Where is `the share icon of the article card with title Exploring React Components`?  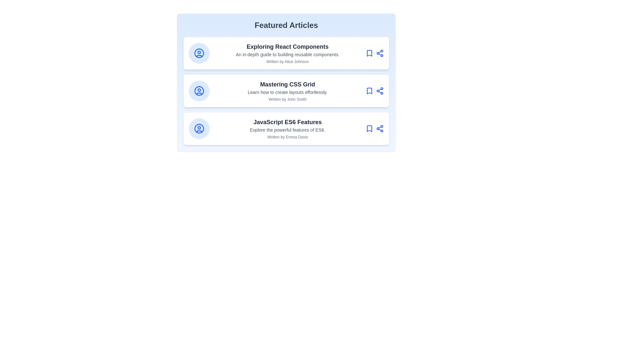 the share icon of the article card with title Exploring React Components is located at coordinates (380, 53).